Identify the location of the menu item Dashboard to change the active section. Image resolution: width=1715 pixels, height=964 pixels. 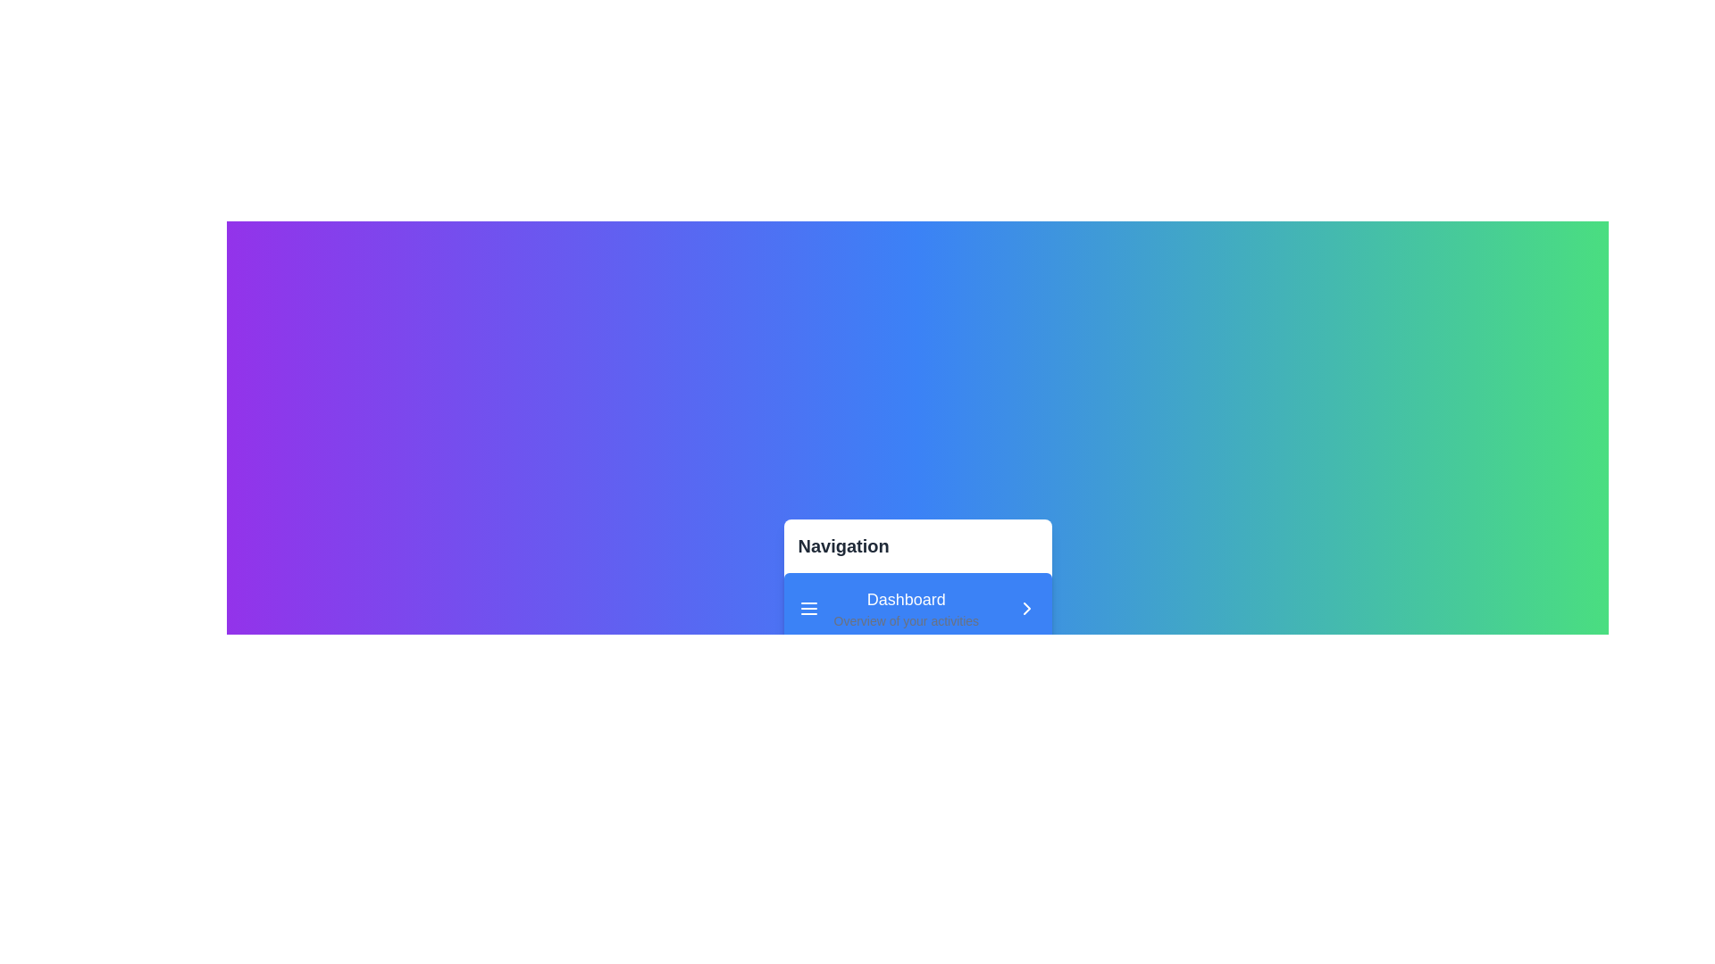
(917, 608).